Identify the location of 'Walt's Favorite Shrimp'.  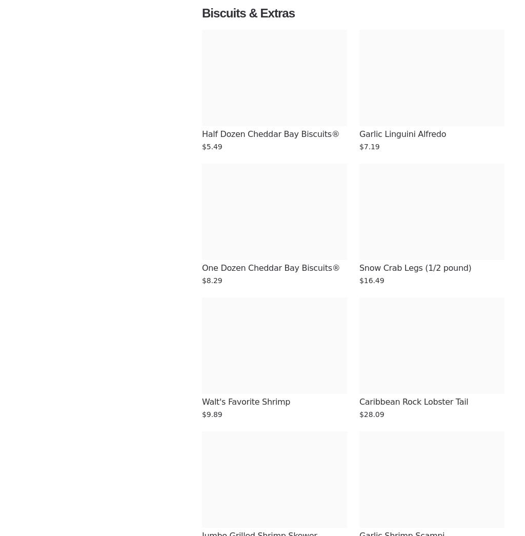
(201, 402).